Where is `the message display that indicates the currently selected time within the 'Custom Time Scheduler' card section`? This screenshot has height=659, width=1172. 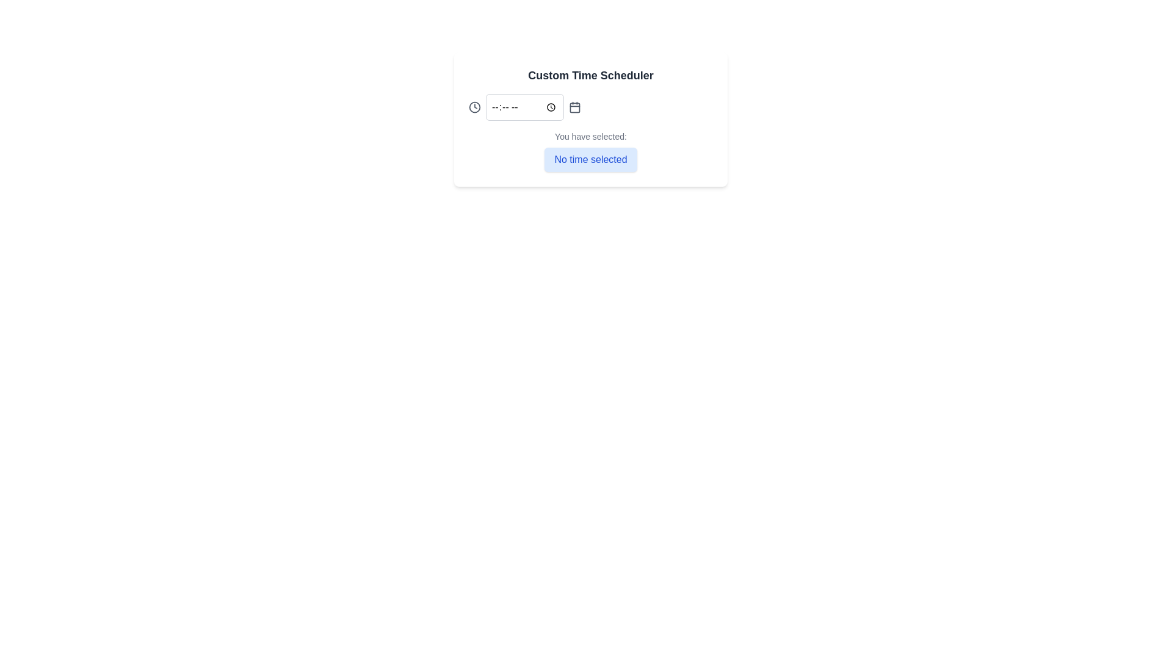
the message display that indicates the currently selected time within the 'Custom Time Scheduler' card section is located at coordinates (591, 150).